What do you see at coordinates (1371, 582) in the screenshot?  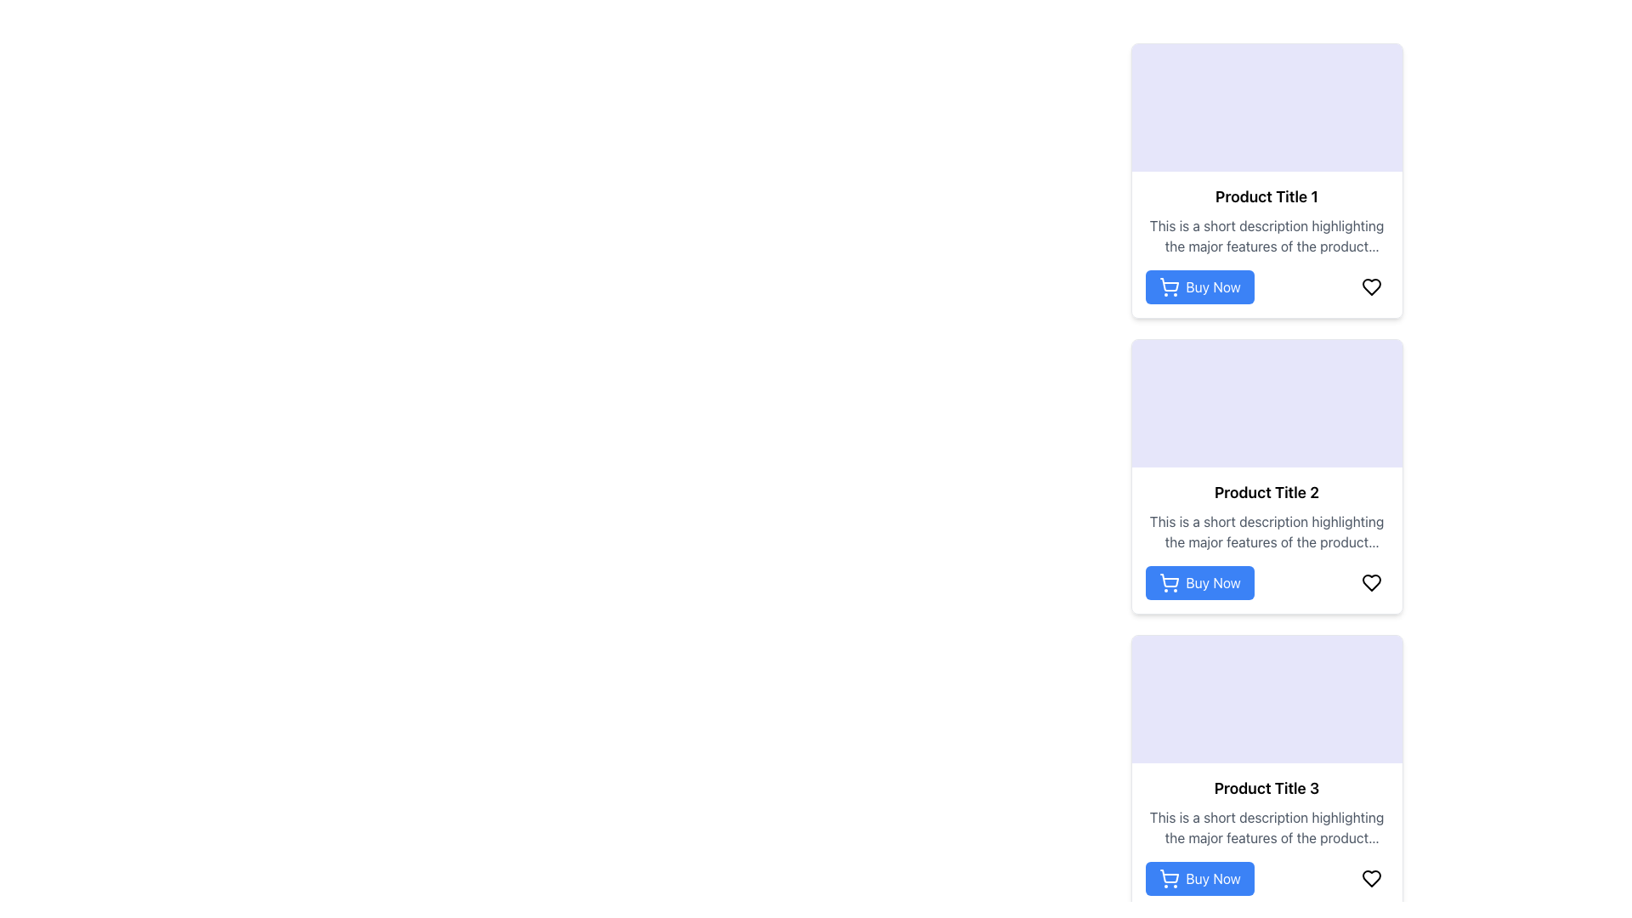 I see `the heart icon at the bottom-right corner of the card for 'Product Title 2'` at bounding box center [1371, 582].